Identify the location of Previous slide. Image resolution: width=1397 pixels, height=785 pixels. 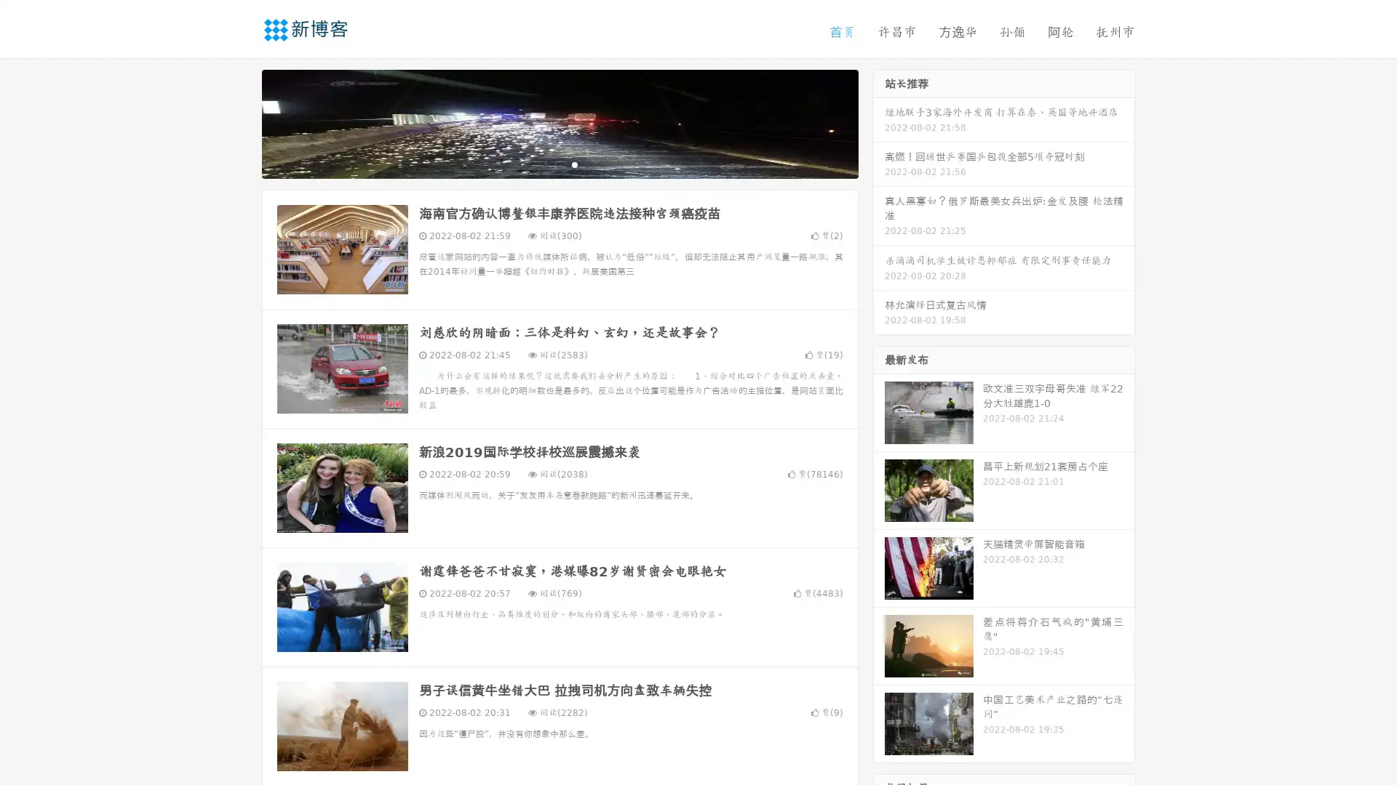
(240, 122).